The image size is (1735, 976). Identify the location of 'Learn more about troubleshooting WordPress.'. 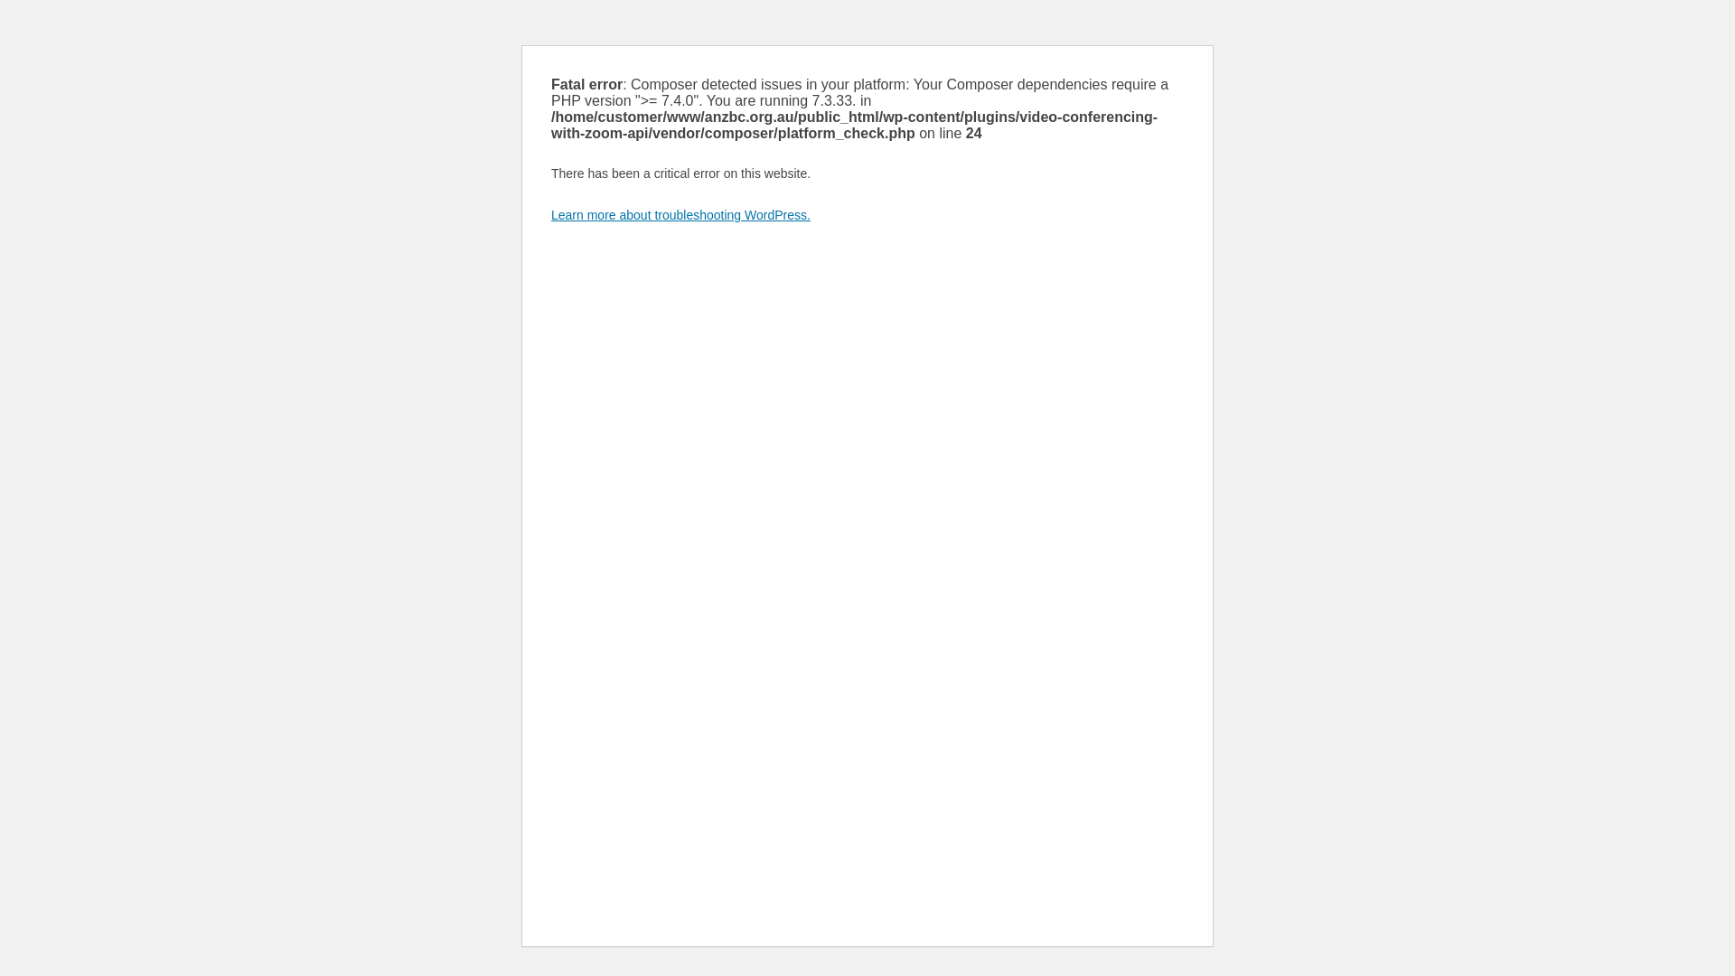
(680, 214).